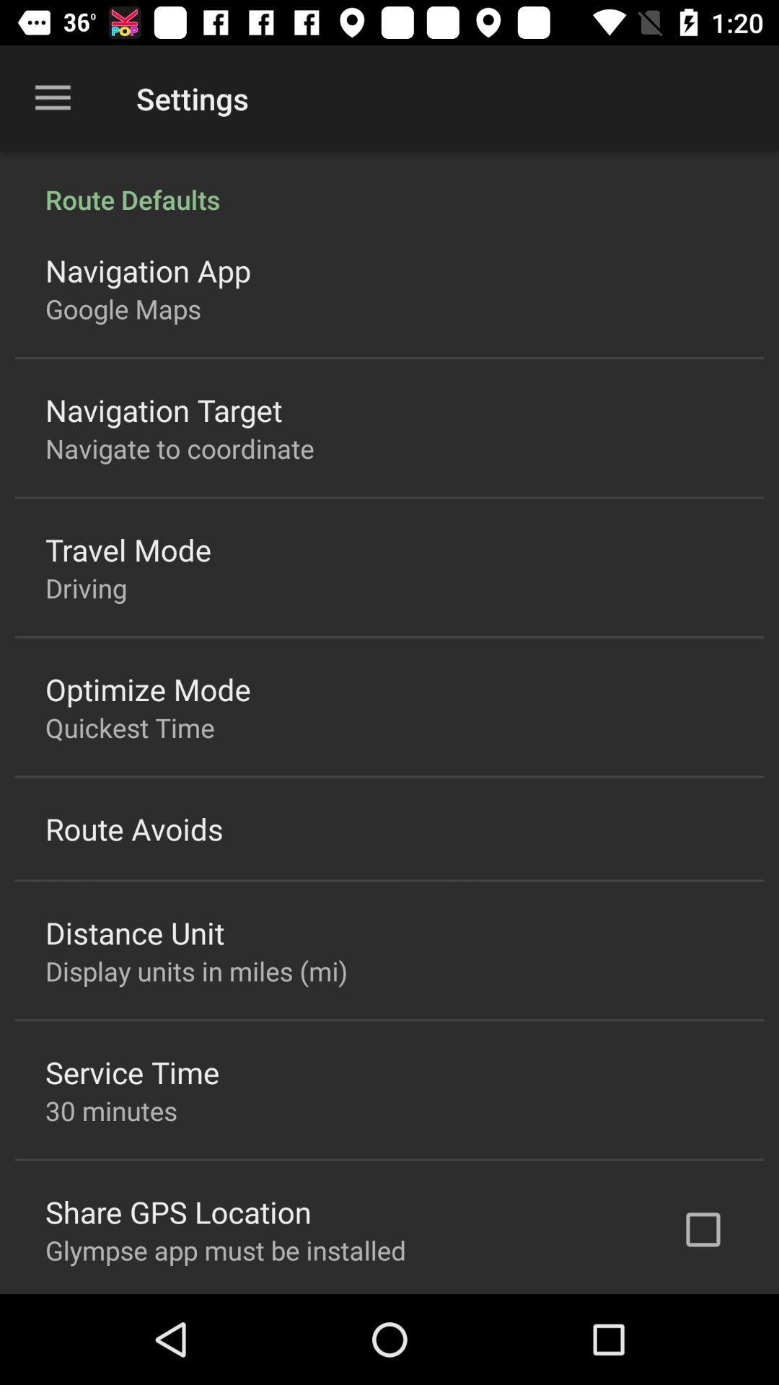 The image size is (779, 1385). Describe the element at coordinates (128, 549) in the screenshot. I see `travel mode icon` at that location.